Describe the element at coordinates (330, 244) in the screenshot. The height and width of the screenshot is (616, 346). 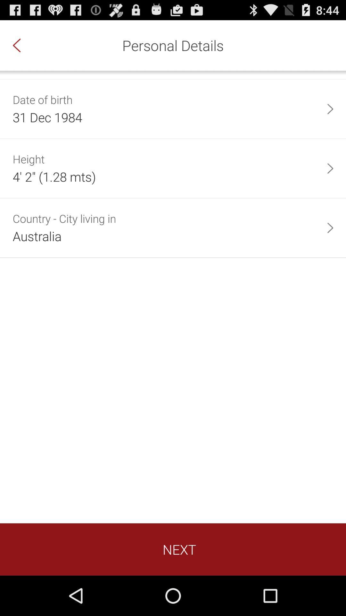
I see `the play icon` at that location.